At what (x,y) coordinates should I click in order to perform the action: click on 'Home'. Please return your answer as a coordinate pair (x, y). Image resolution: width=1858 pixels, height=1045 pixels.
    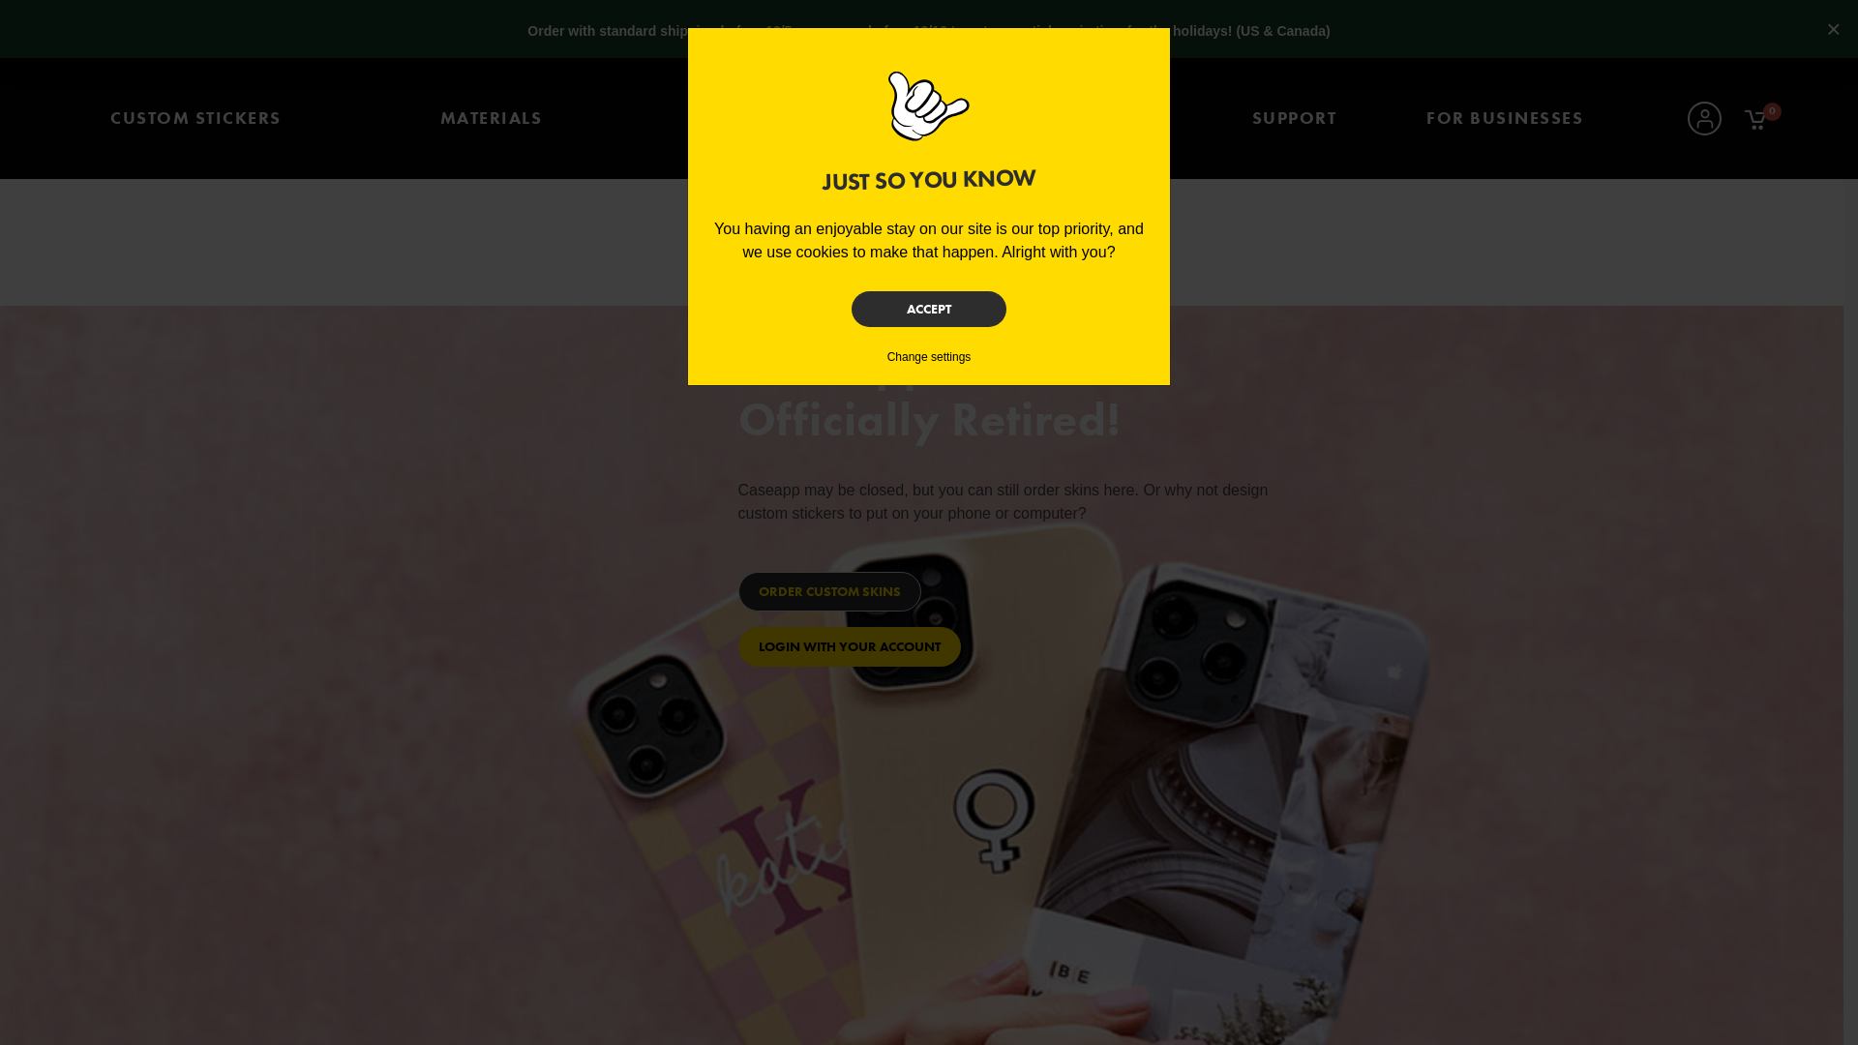
    Looking at the image, I should click on (864, 119).